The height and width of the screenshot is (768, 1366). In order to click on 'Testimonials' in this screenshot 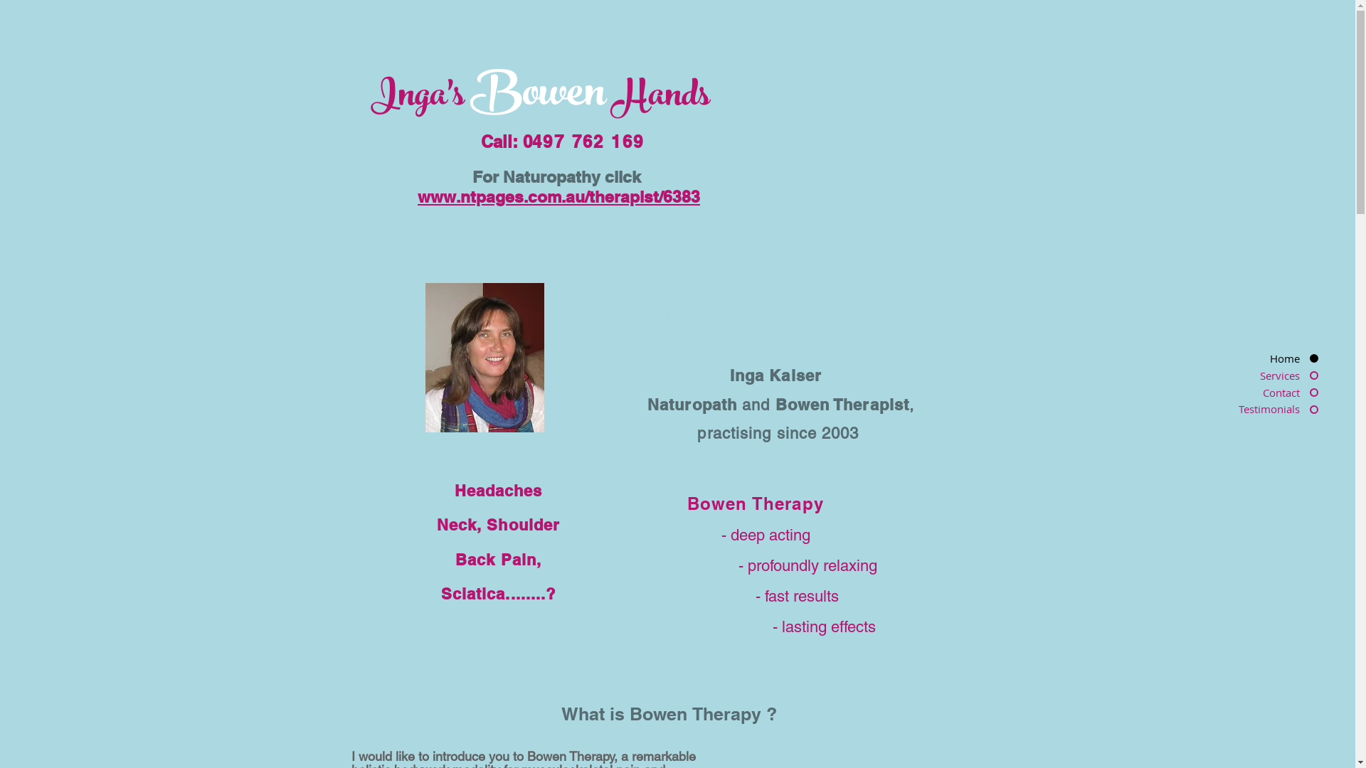, I will do `click(1260, 409)`.